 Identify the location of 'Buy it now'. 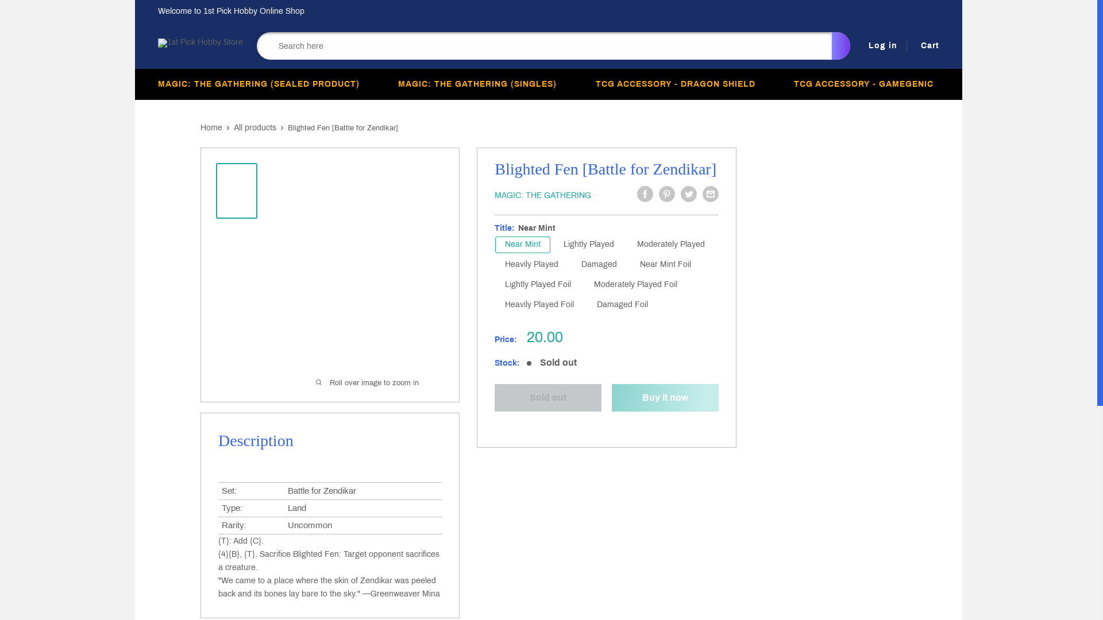
(665, 397).